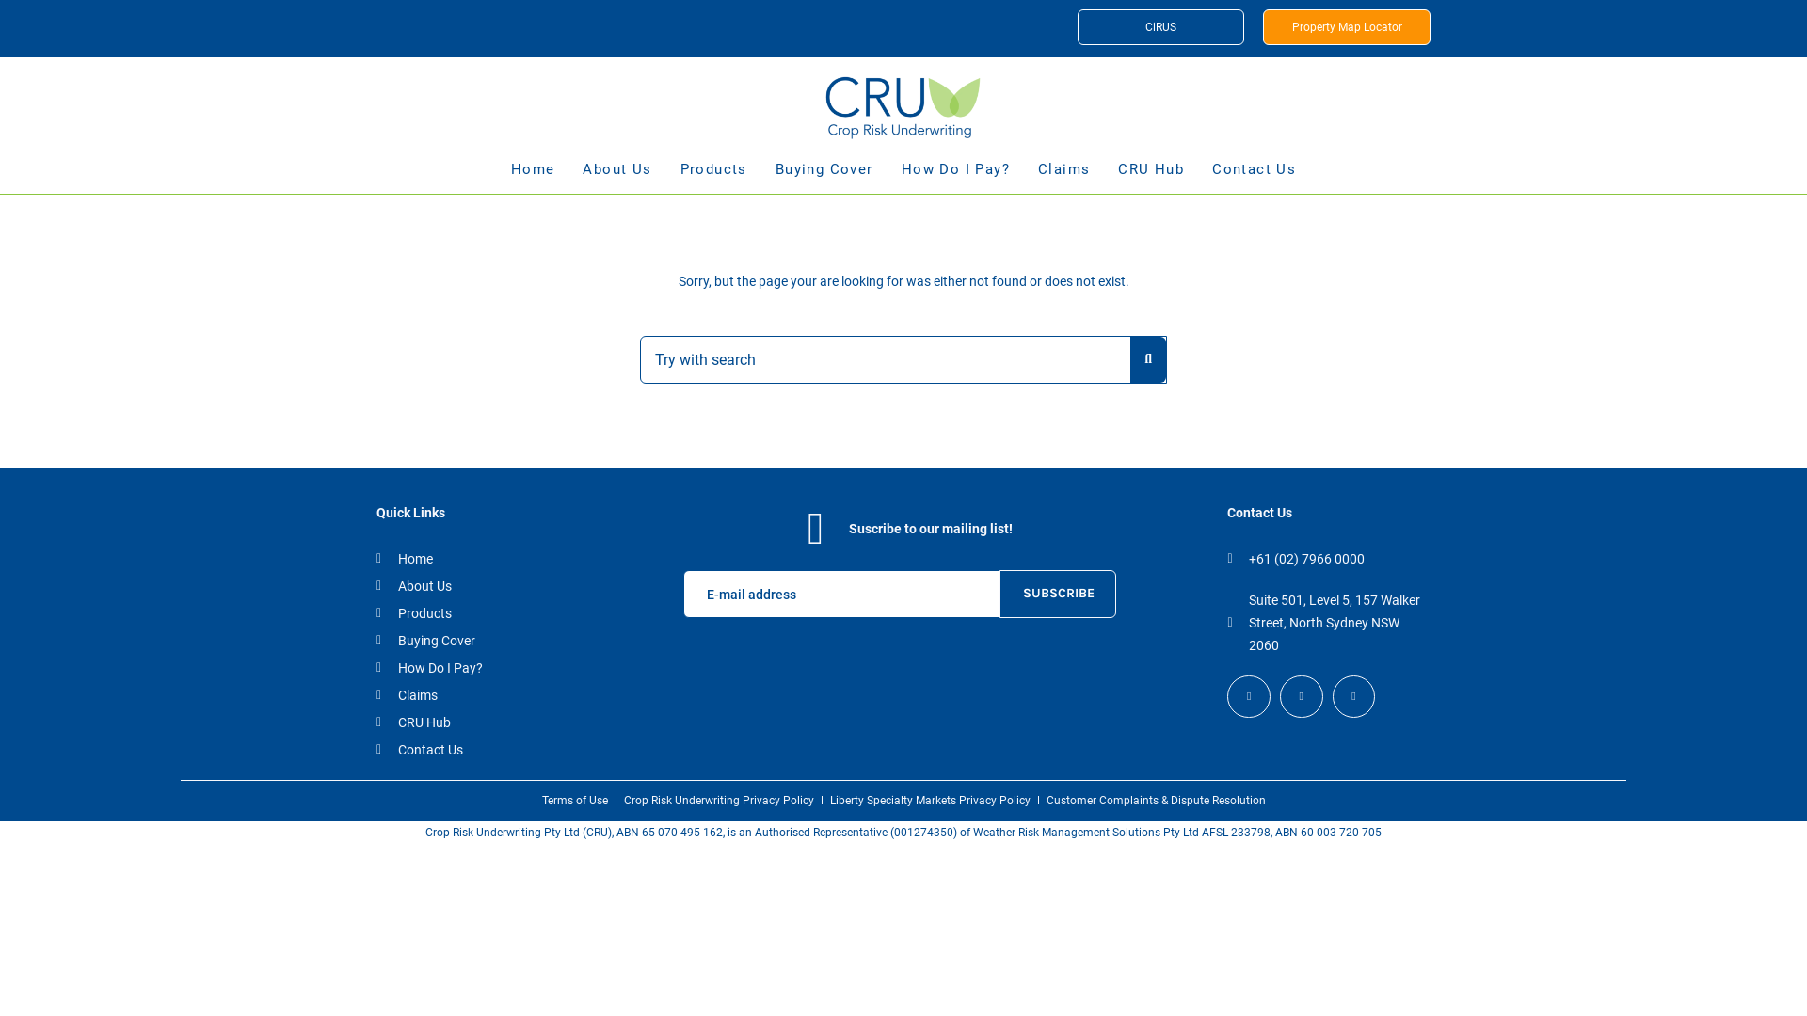  Describe the element at coordinates (474, 640) in the screenshot. I see `'Buying Cover'` at that location.